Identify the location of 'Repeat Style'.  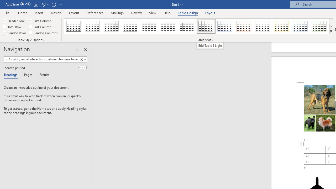
(54, 4).